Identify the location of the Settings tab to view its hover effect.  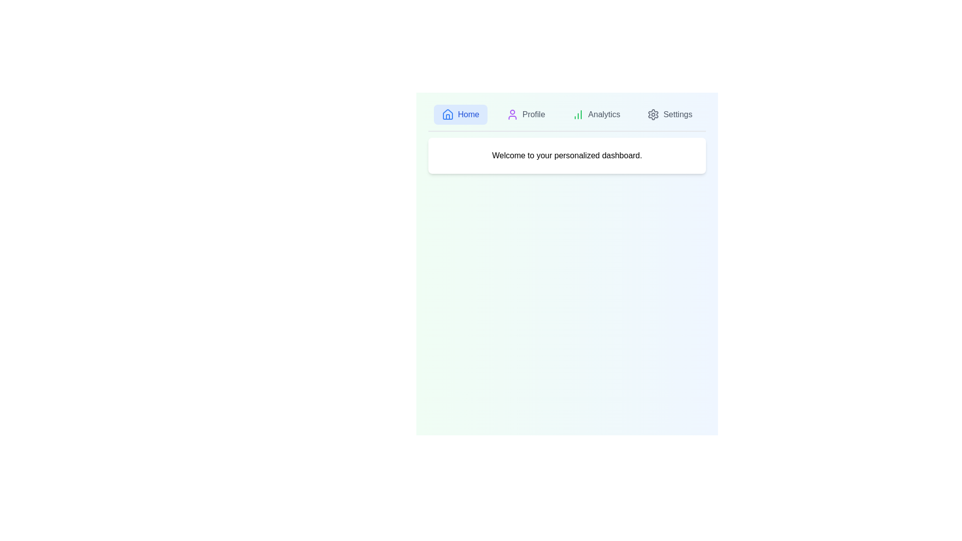
(670, 114).